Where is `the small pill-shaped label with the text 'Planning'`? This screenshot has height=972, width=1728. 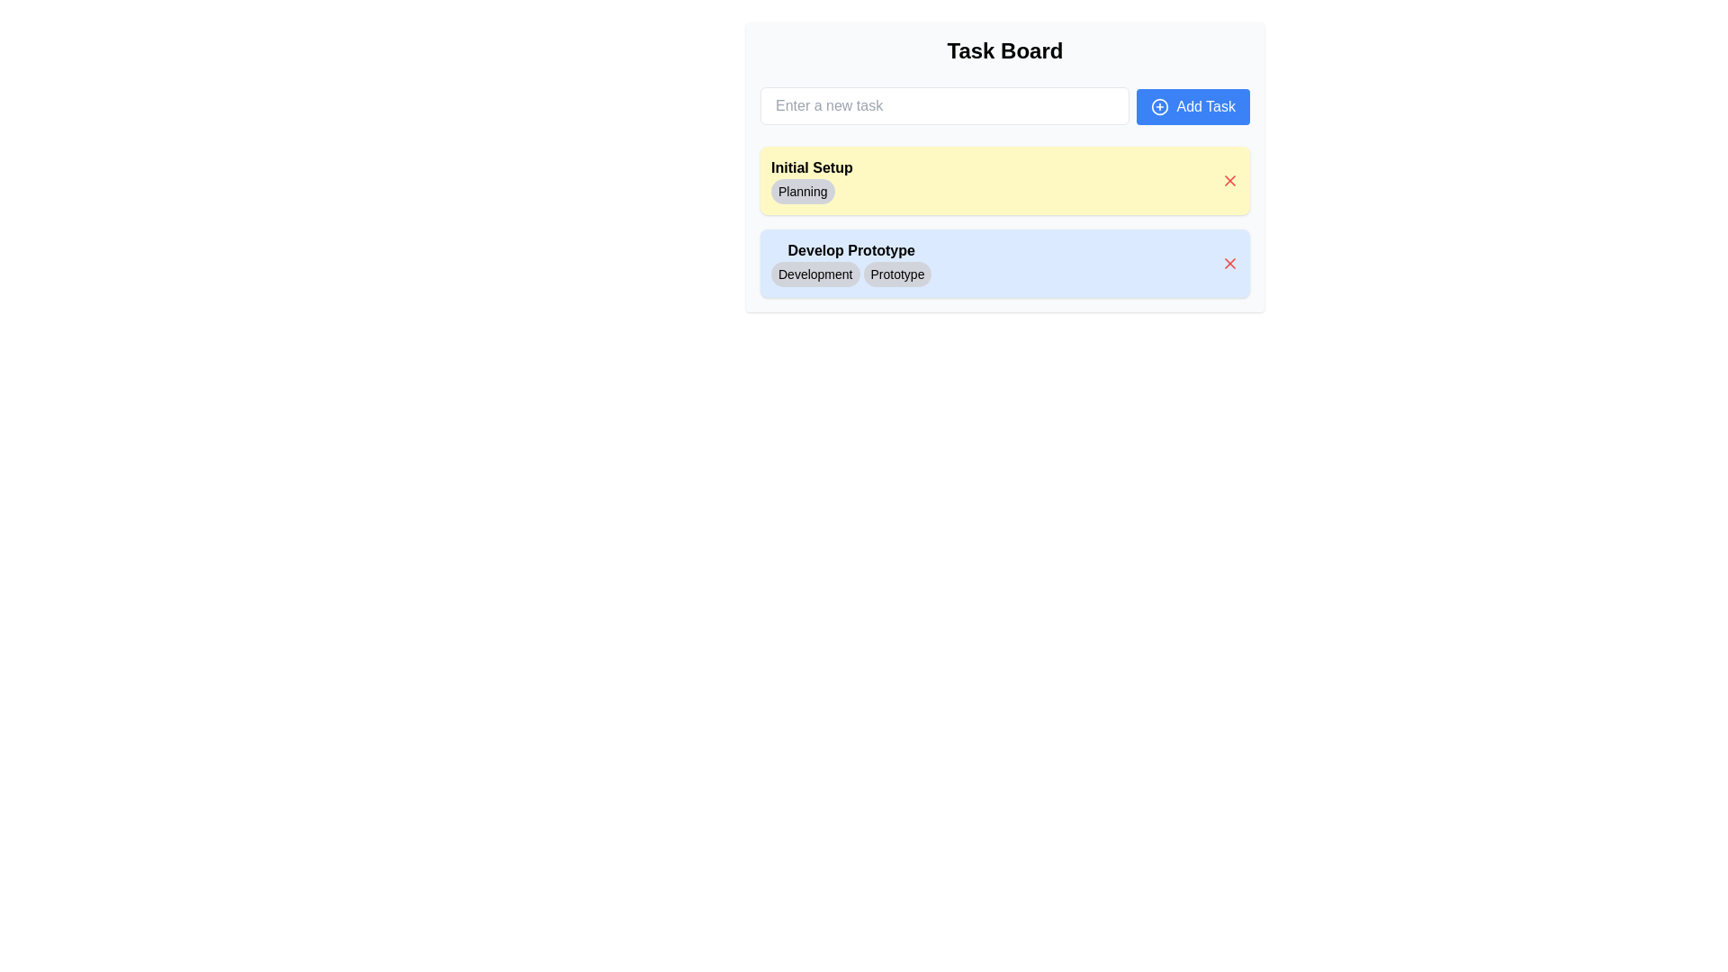
the small pill-shaped label with the text 'Planning' is located at coordinates (811, 191).